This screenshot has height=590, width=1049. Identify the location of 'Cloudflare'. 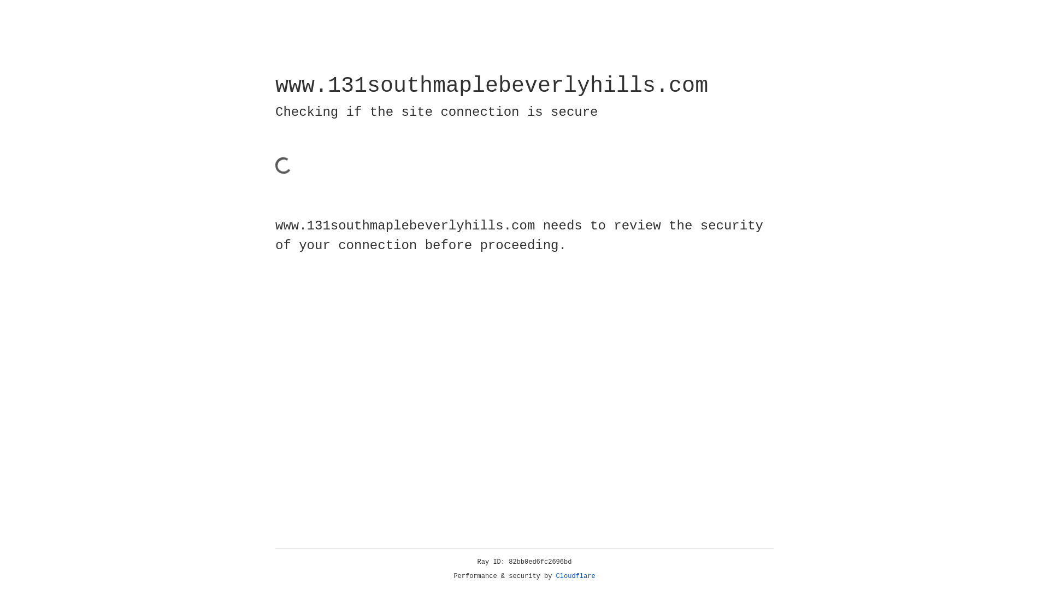
(556, 576).